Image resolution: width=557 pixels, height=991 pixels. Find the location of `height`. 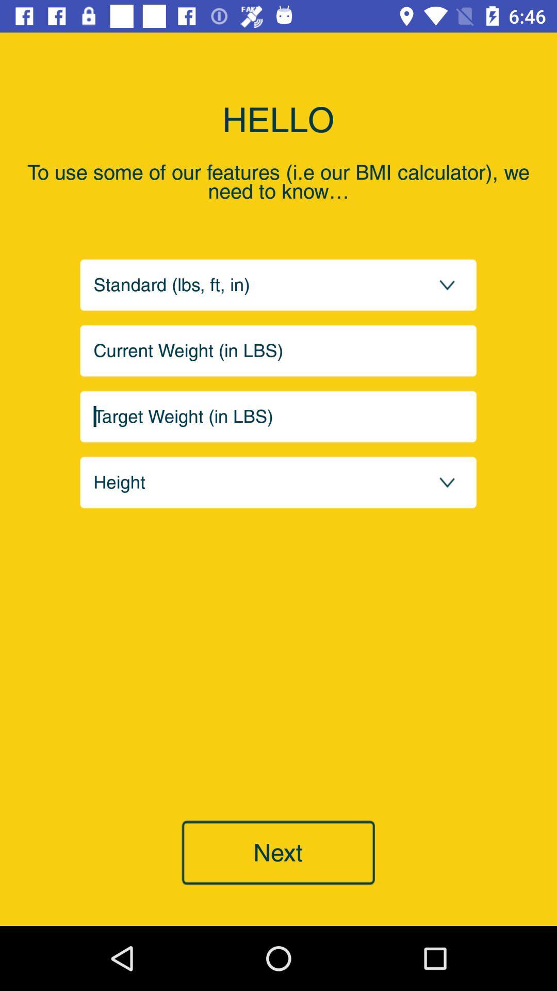

height is located at coordinates (278, 482).